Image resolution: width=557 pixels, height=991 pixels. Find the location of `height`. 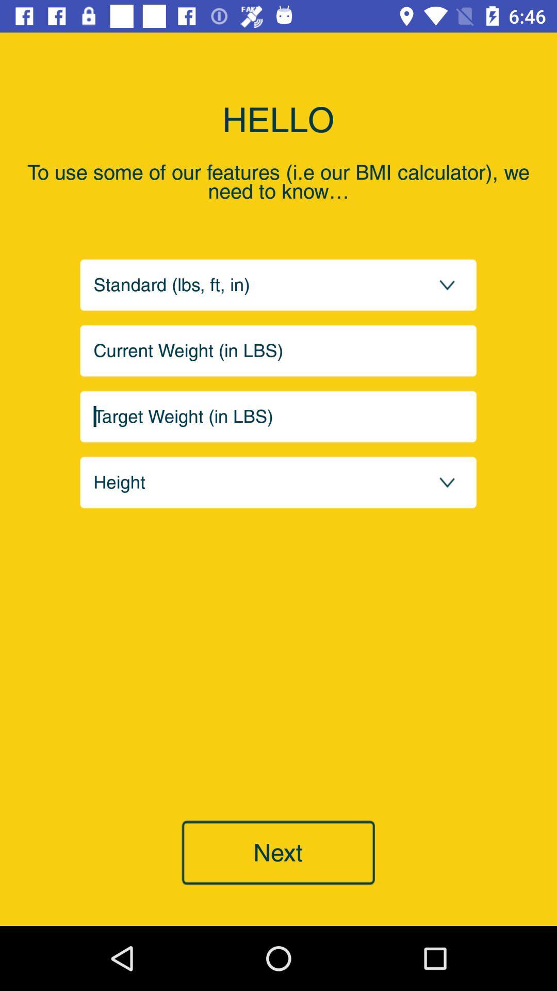

height is located at coordinates (278, 482).